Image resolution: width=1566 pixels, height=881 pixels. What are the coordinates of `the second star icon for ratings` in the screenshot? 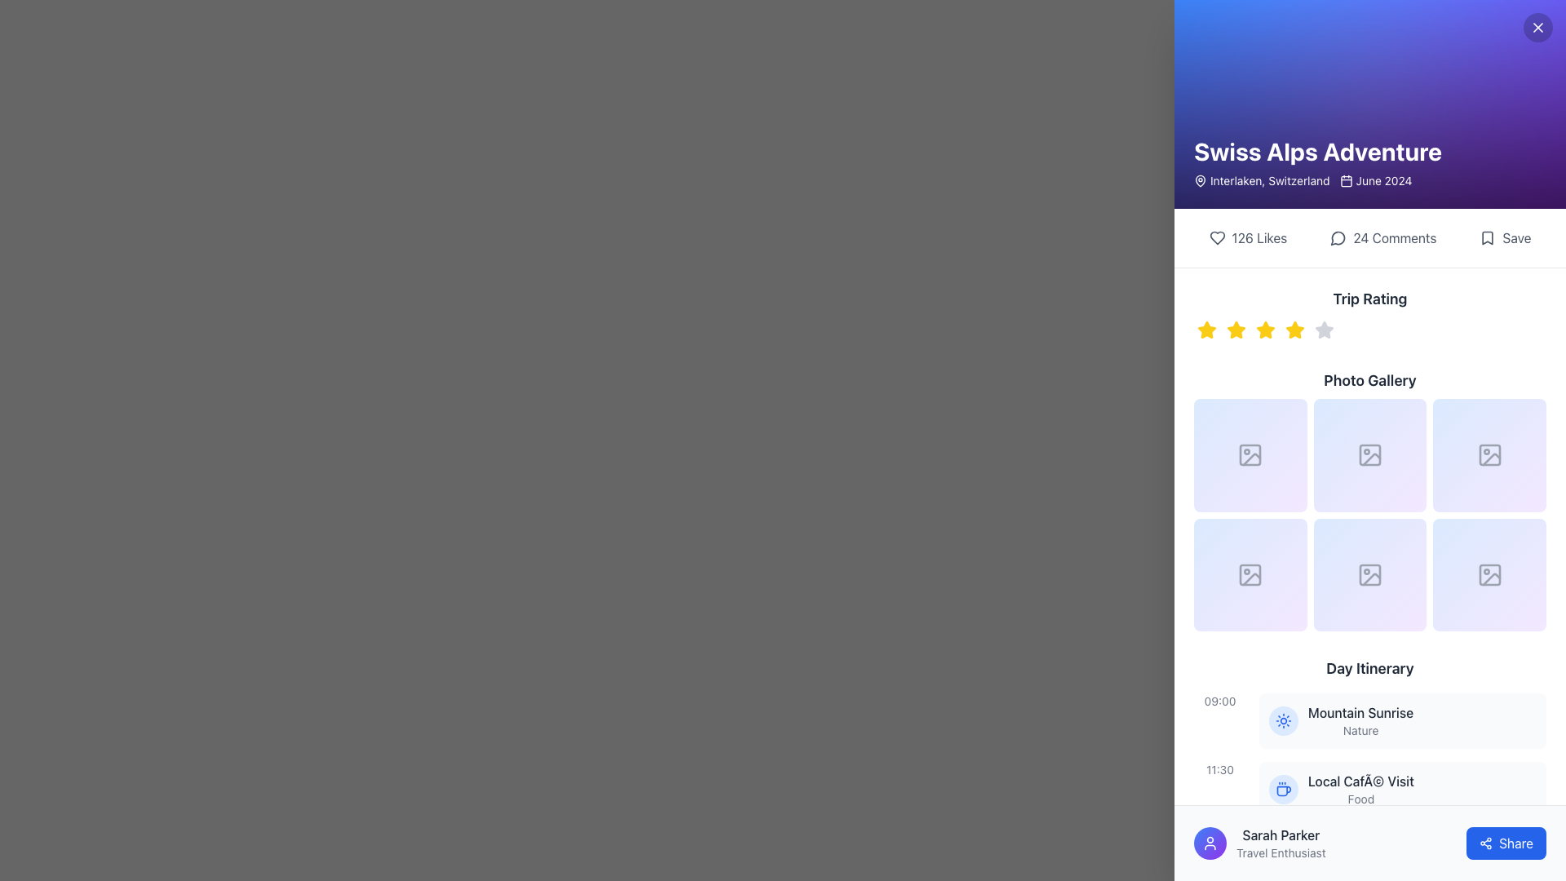 It's located at (1236, 330).